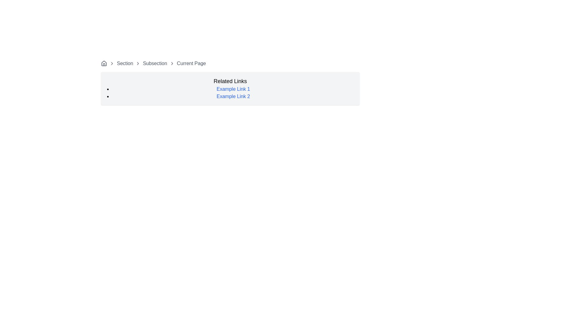 The width and height of the screenshot is (586, 330). What do you see at coordinates (230, 81) in the screenshot?
I see `the heading text block that indicates related links, located at the top-center of the layout within a rounded box` at bounding box center [230, 81].